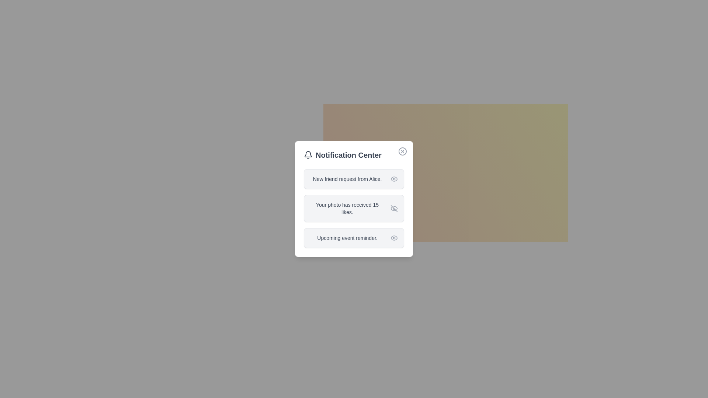  What do you see at coordinates (354, 238) in the screenshot?
I see `the interactive eye icon on the third notification card in the Notification Center` at bounding box center [354, 238].